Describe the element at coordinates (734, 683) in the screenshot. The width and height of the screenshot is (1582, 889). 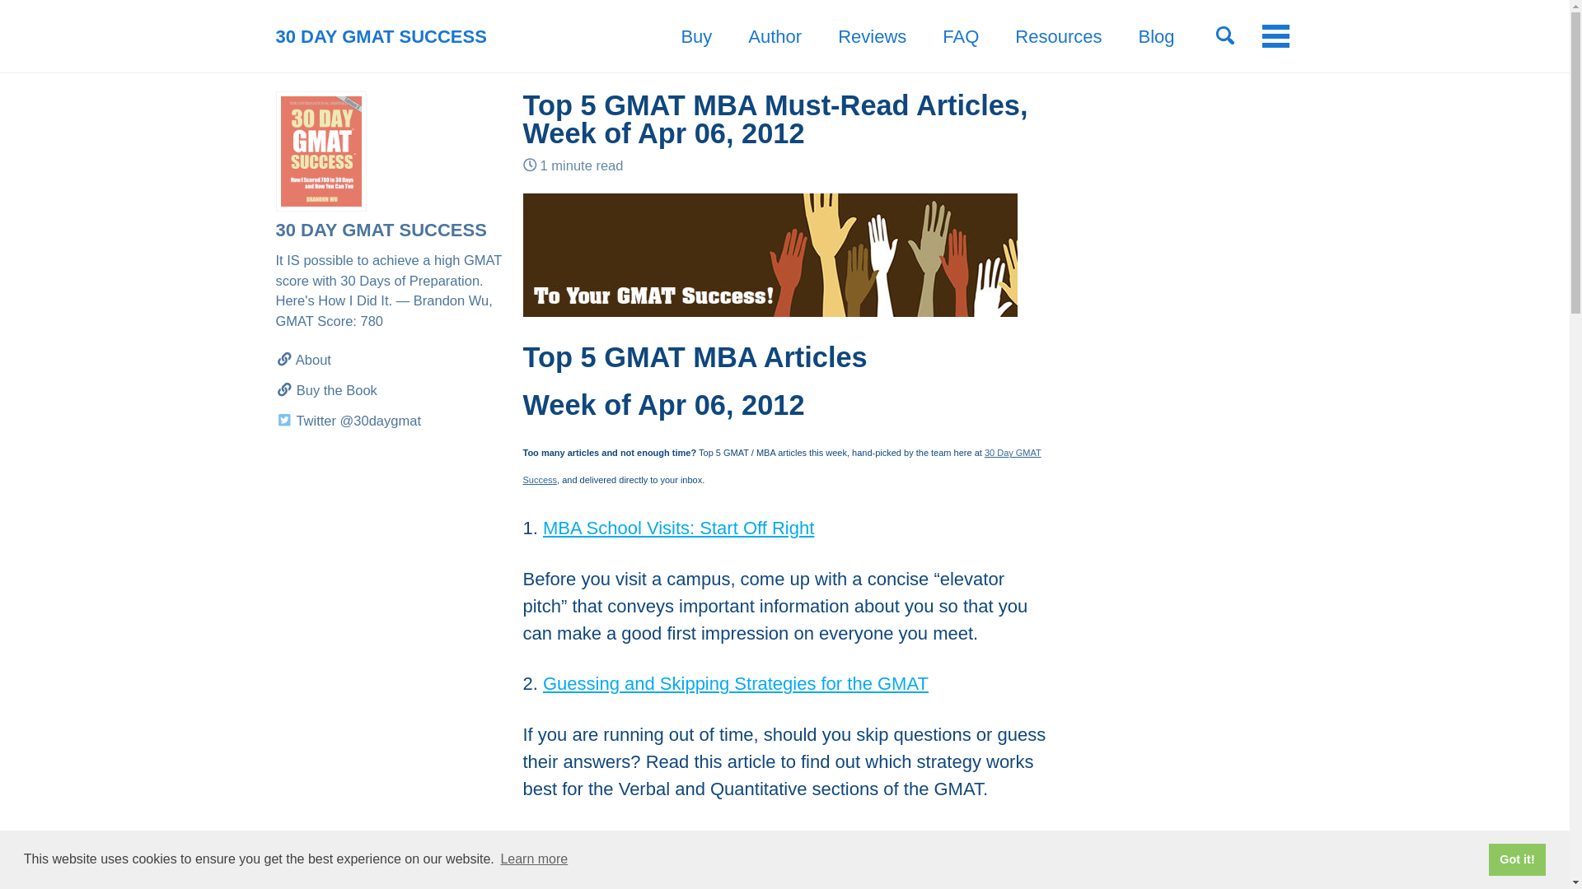
I see `'Guessing and Skipping Strategies for the GMAT'` at that location.